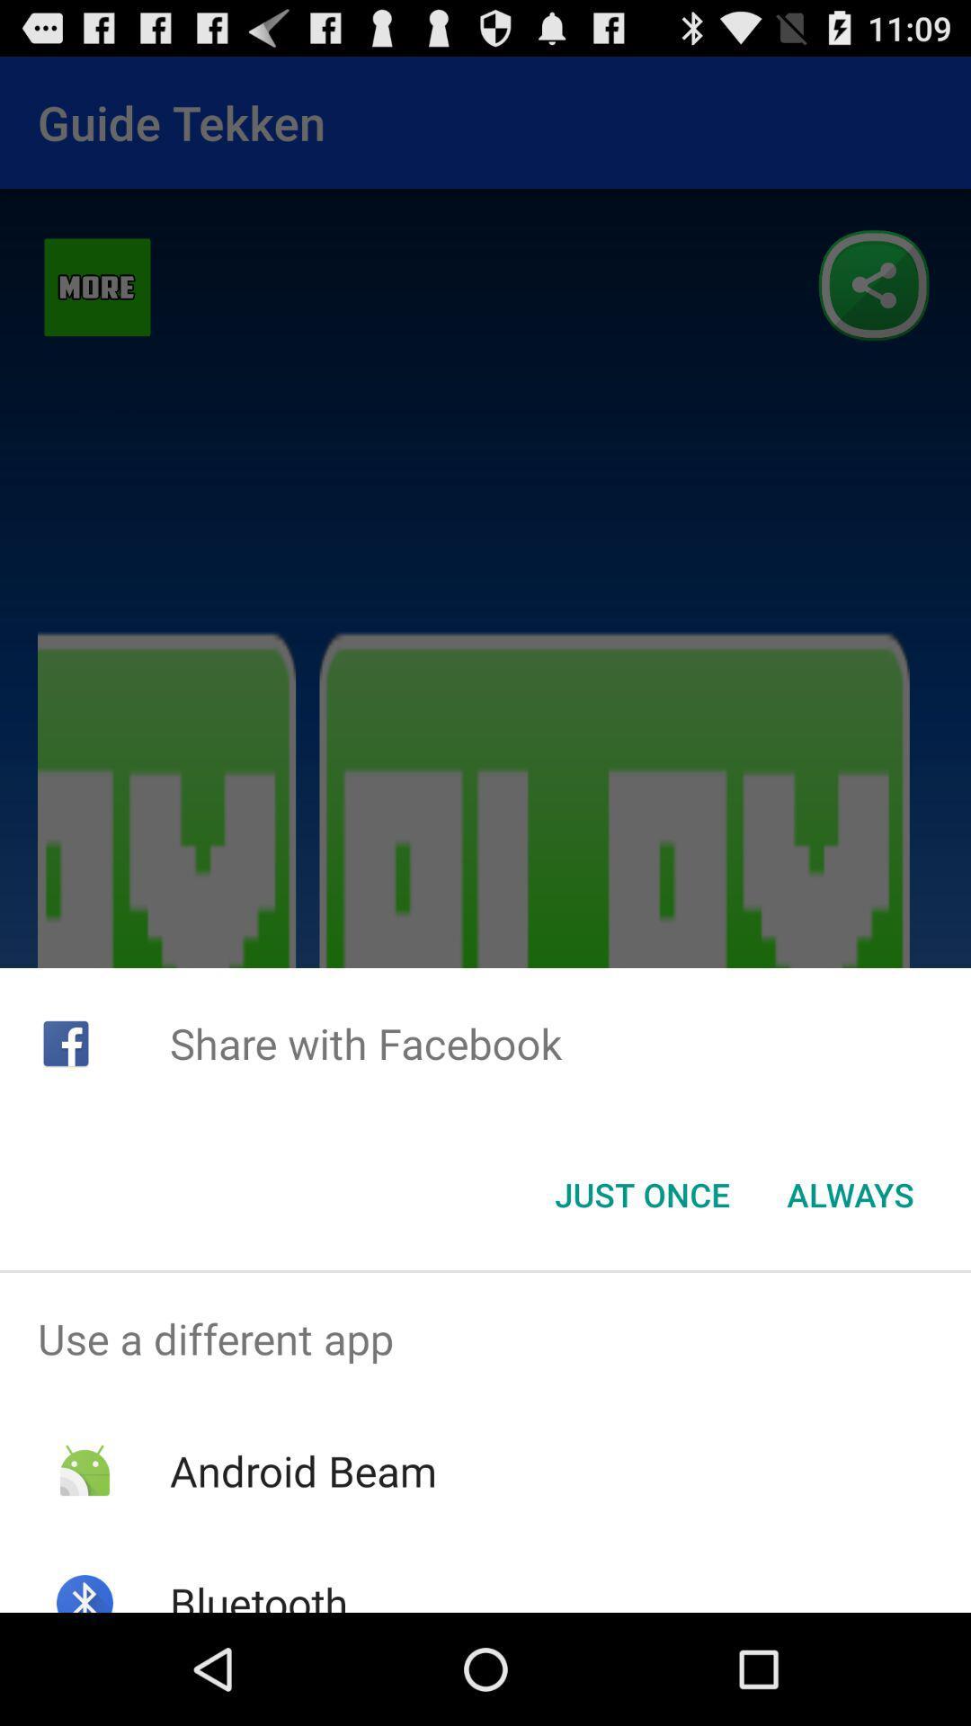  I want to click on the icon to the left of always item, so click(641, 1195).